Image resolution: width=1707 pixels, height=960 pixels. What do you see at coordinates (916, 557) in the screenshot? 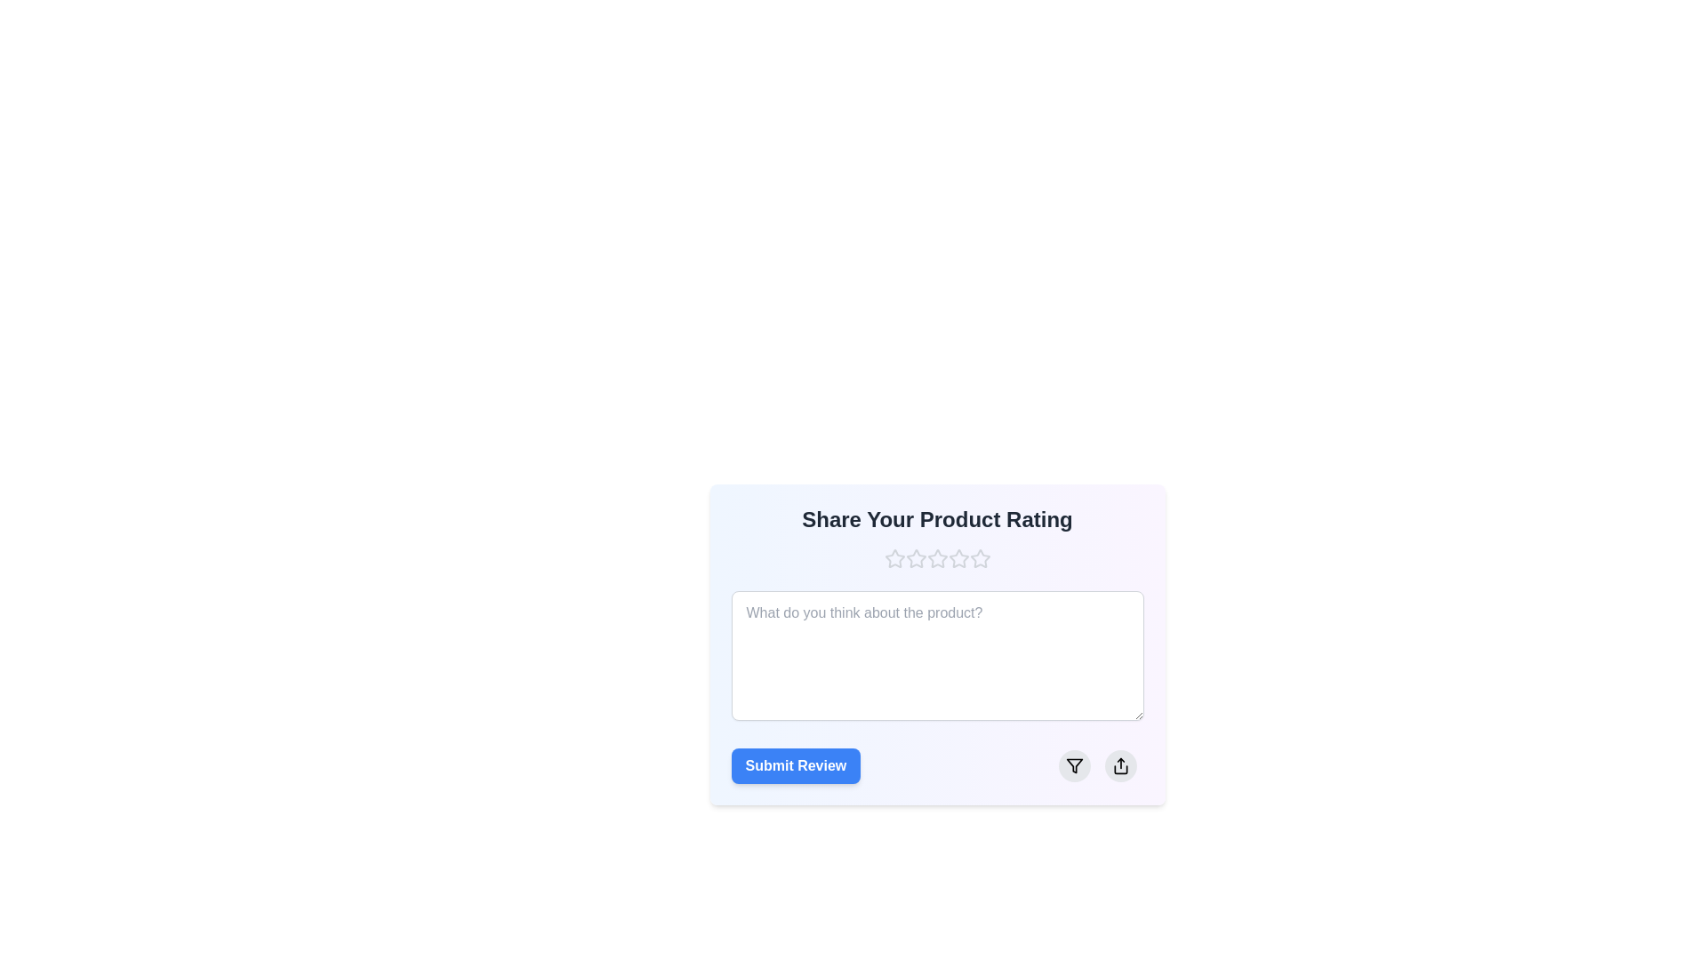
I see `the first star icon from the left in the rating system` at bounding box center [916, 557].